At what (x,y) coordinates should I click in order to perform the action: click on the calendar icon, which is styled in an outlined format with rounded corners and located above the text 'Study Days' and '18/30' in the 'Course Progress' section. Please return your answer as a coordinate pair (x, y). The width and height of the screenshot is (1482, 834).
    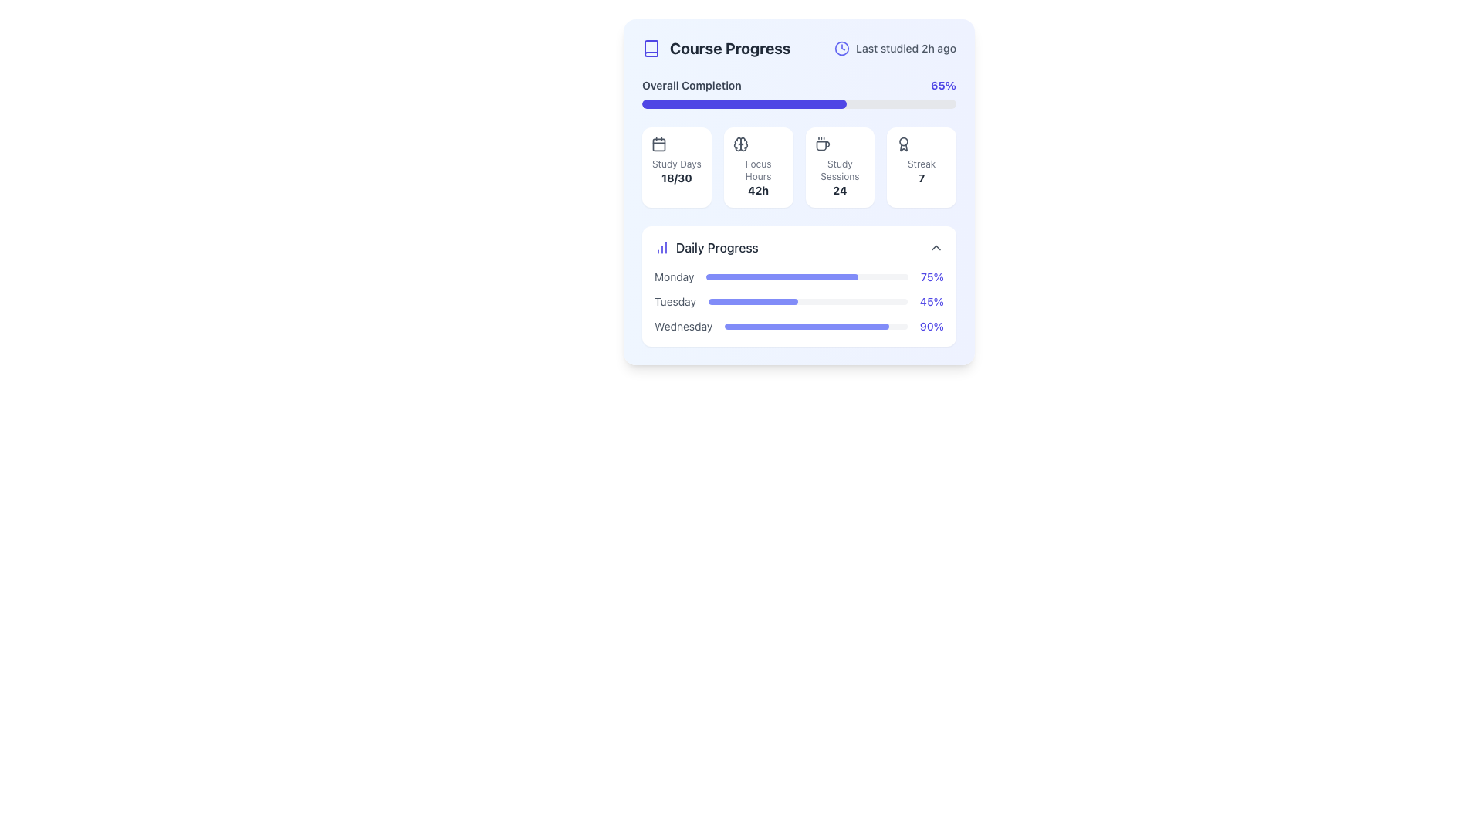
    Looking at the image, I should click on (659, 144).